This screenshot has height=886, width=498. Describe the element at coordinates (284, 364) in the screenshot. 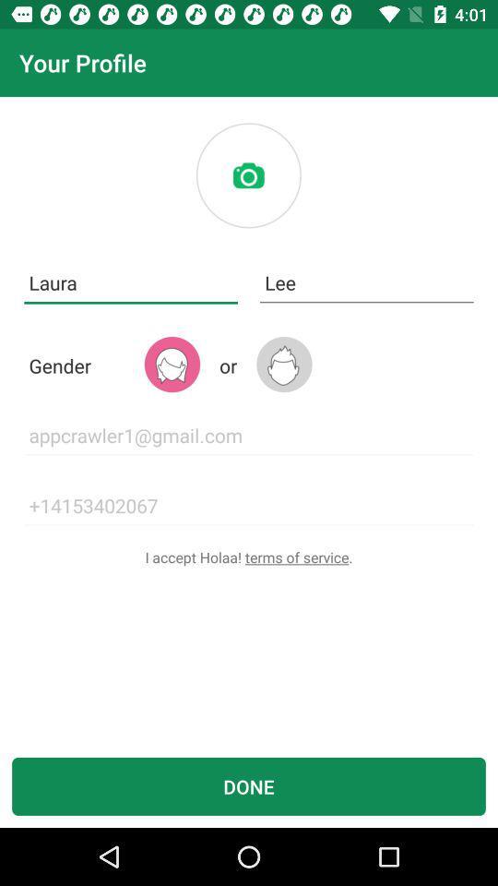

I see `for male` at that location.